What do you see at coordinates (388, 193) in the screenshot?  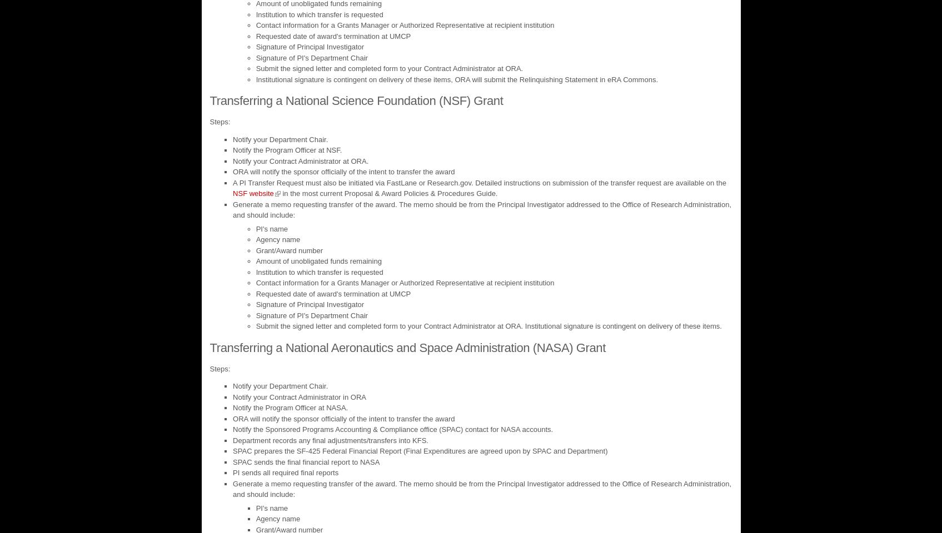 I see `'in the most current Proposal & Award Policies & Procedures Guide.'` at bounding box center [388, 193].